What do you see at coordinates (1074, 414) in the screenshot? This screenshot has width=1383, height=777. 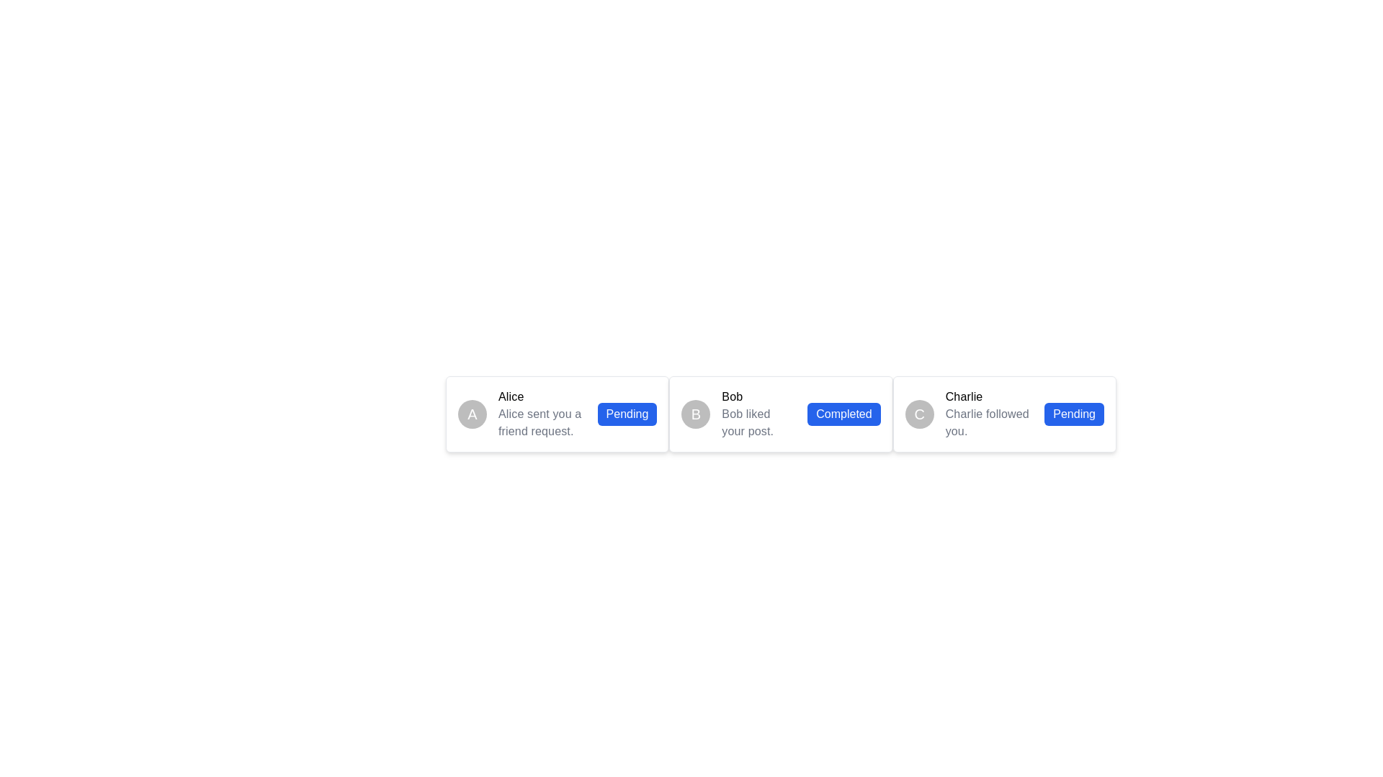 I see `the status indicator button displaying the text 'Pending', located in the rightmost card, next` at bounding box center [1074, 414].